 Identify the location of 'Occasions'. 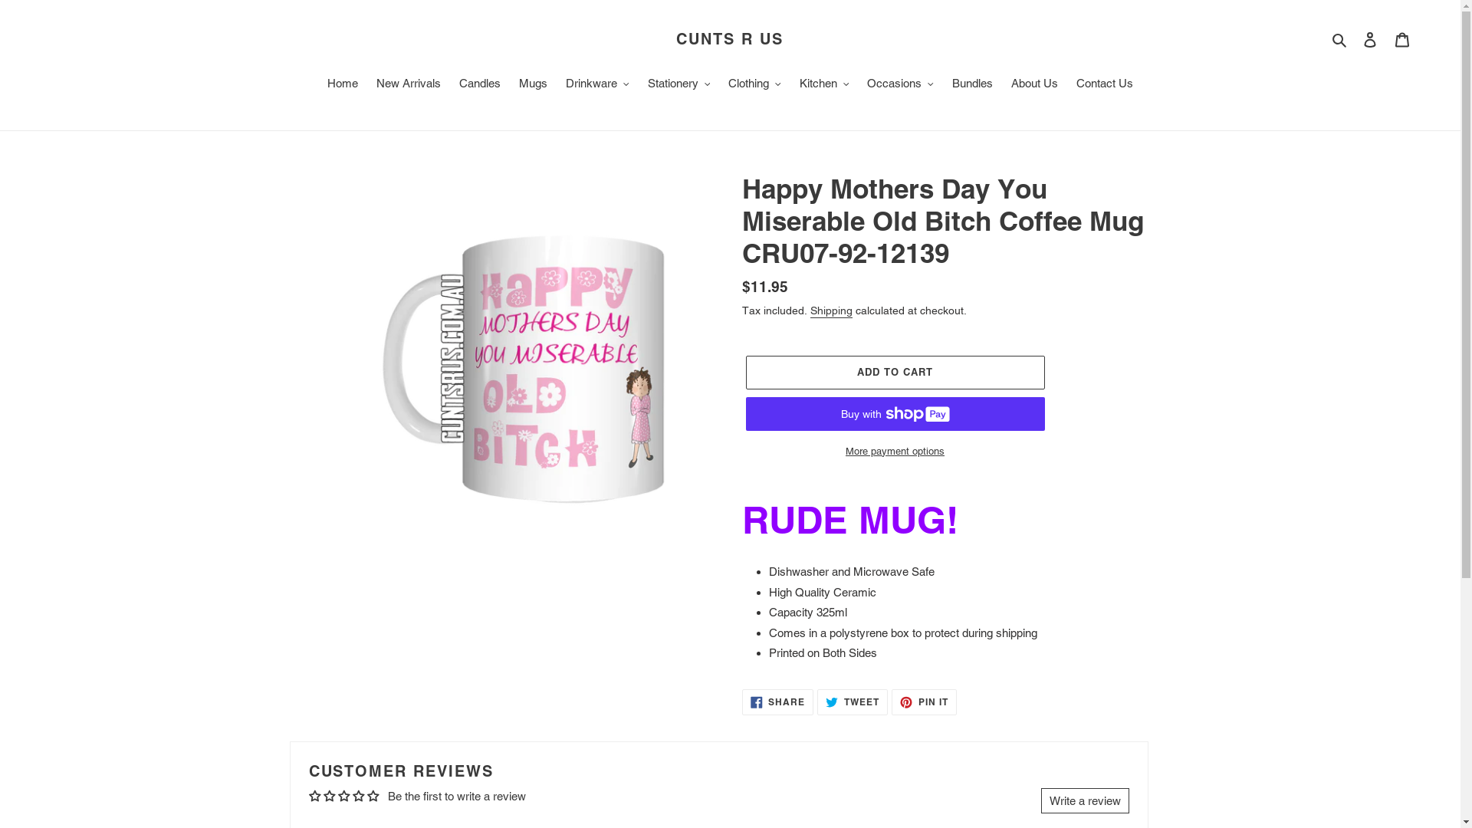
(900, 85).